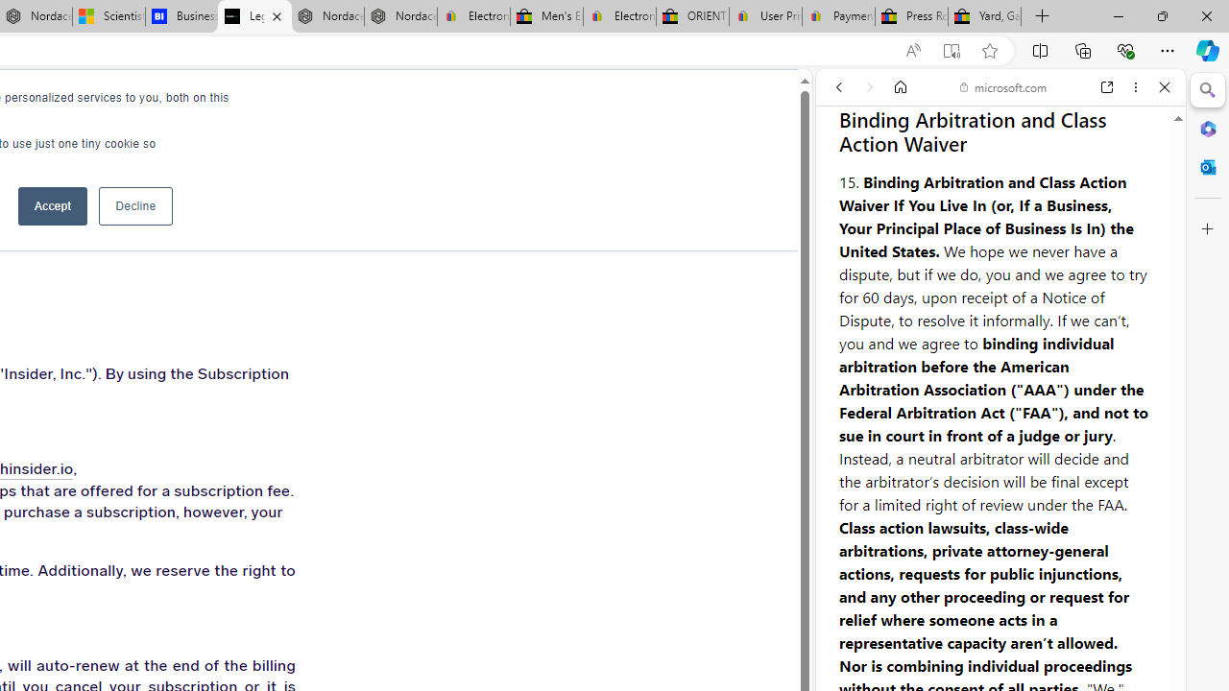 The image size is (1229, 691). What do you see at coordinates (764, 16) in the screenshot?
I see `'User Privacy Notice | eBay'` at bounding box center [764, 16].